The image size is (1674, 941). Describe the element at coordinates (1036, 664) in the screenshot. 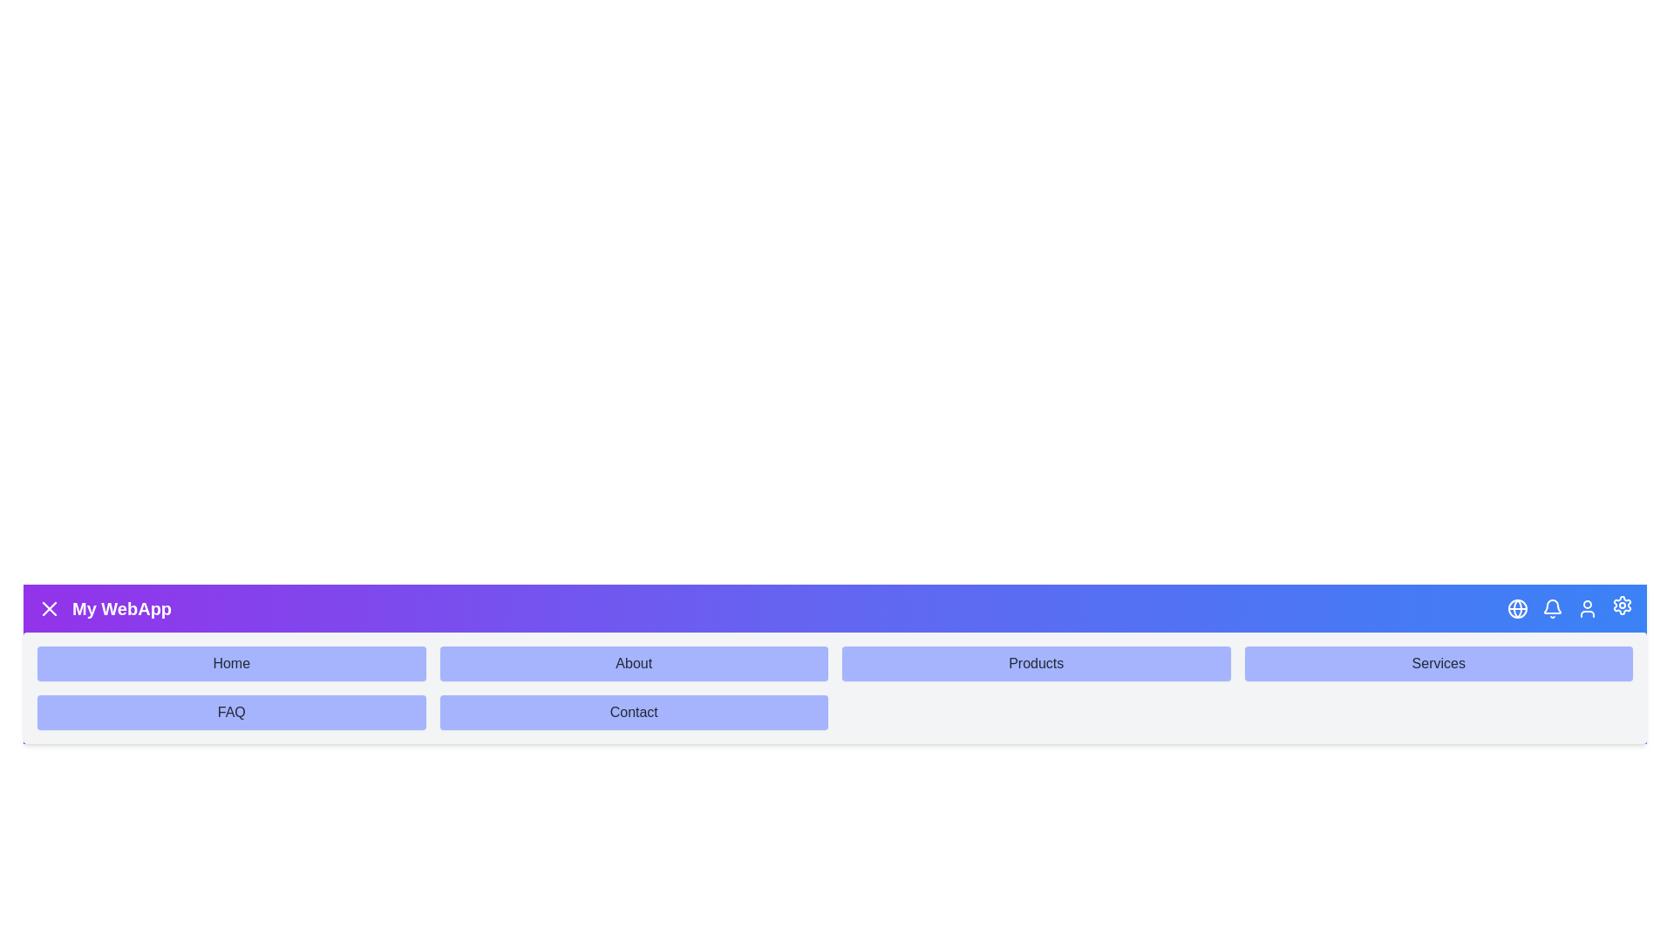

I see `the submenu item Products to navigate to its section` at that location.